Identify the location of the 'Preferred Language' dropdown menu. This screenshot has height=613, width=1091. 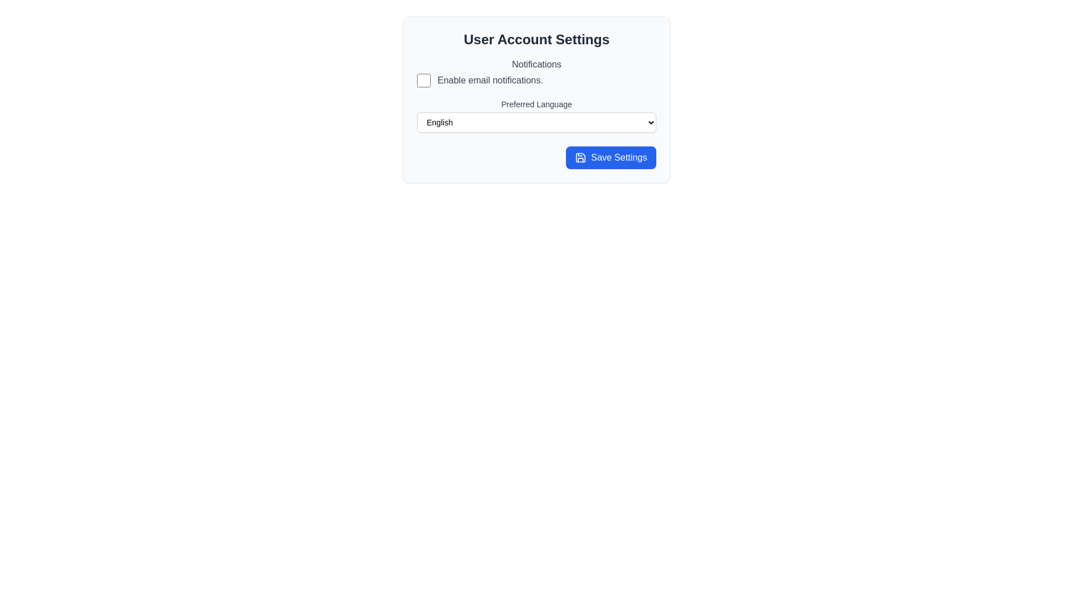
(536, 116).